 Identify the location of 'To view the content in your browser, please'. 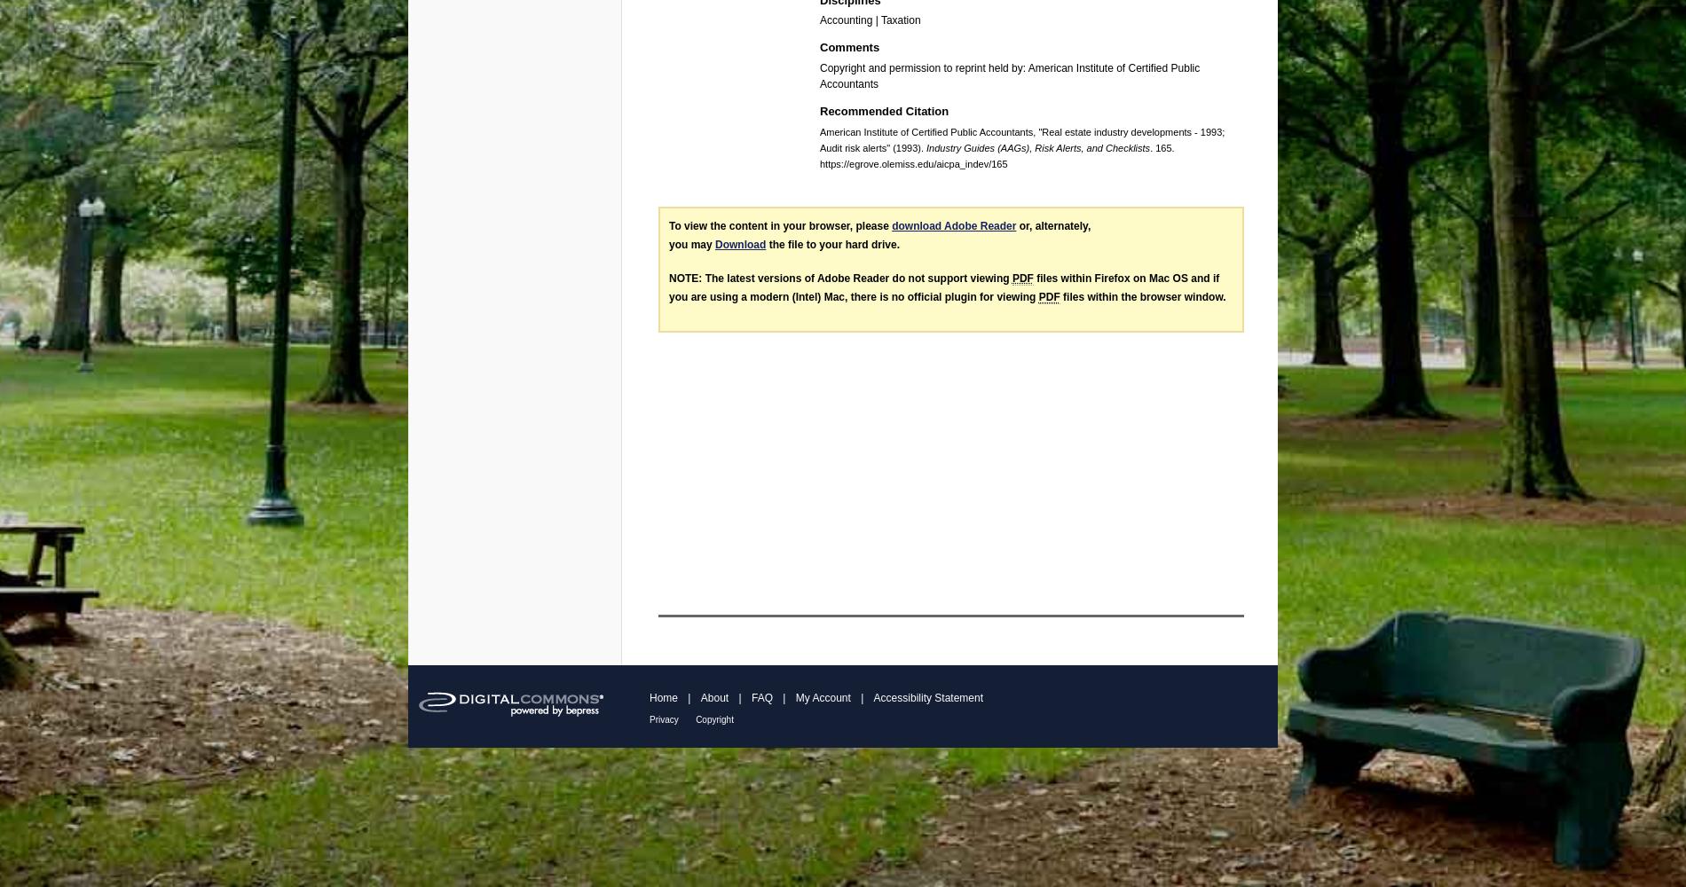
(779, 225).